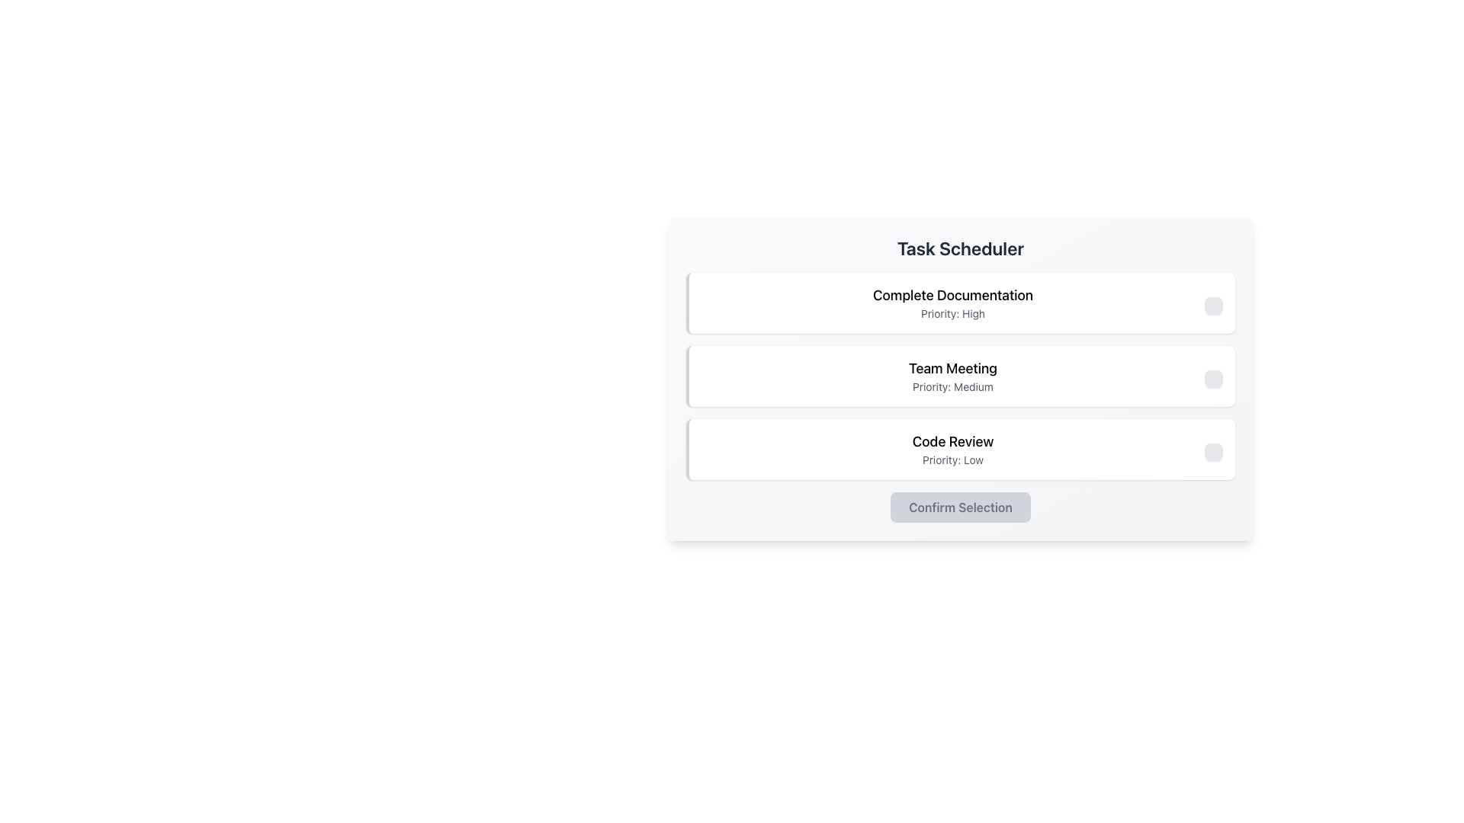 The height and width of the screenshot is (823, 1464). What do you see at coordinates (959, 303) in the screenshot?
I see `the first task in the list labeled 'Complete Documentation' with a priority level of 'High'` at bounding box center [959, 303].